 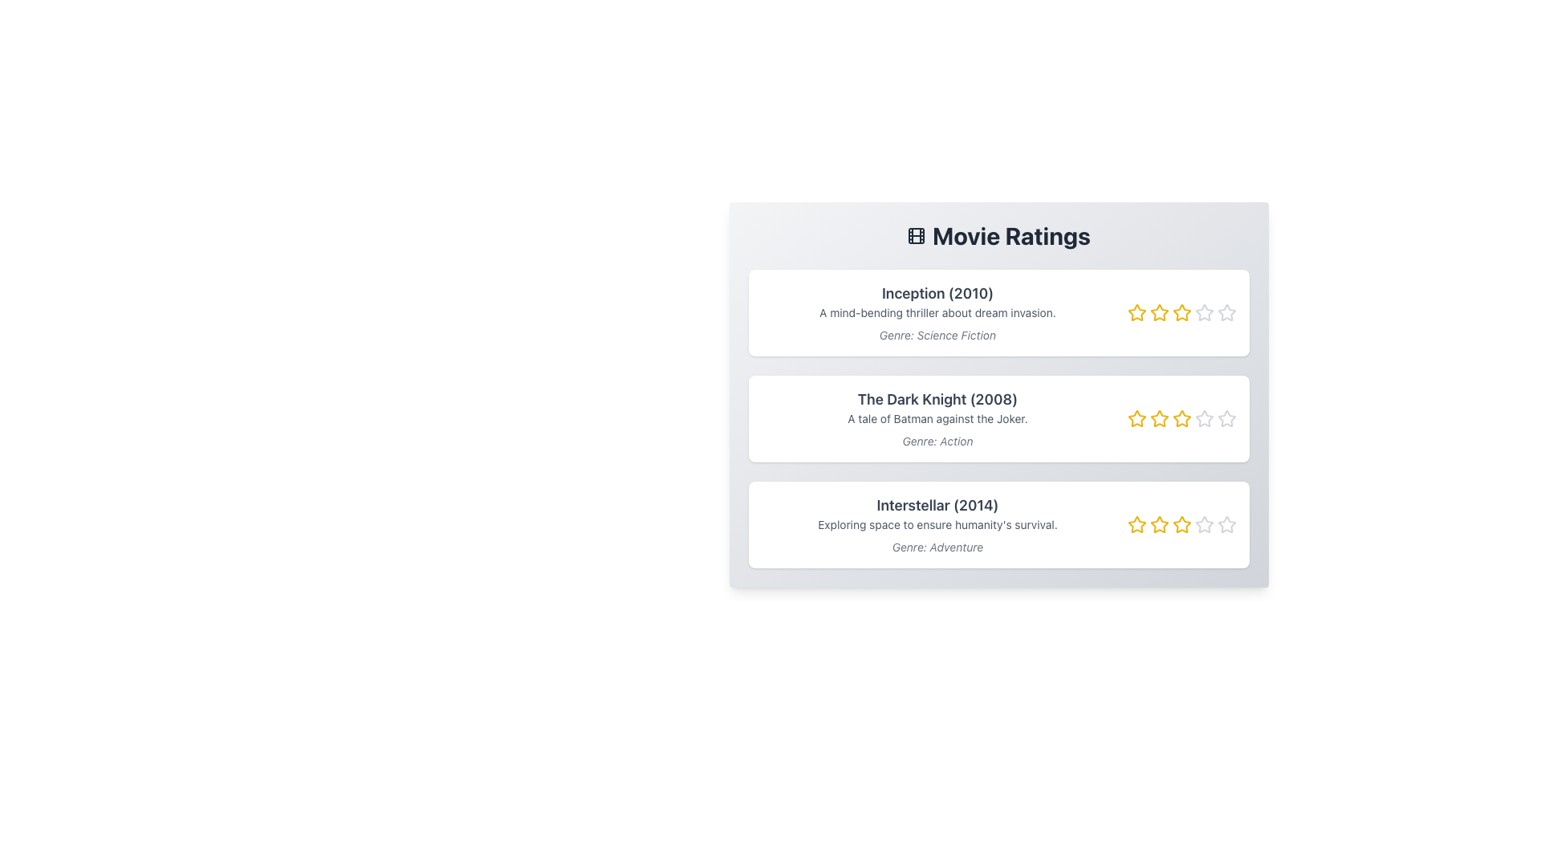 I want to click on the second yellow star icon in the rating system for the movie 'Inception (2010)' to rate the movie, so click(x=1159, y=312).